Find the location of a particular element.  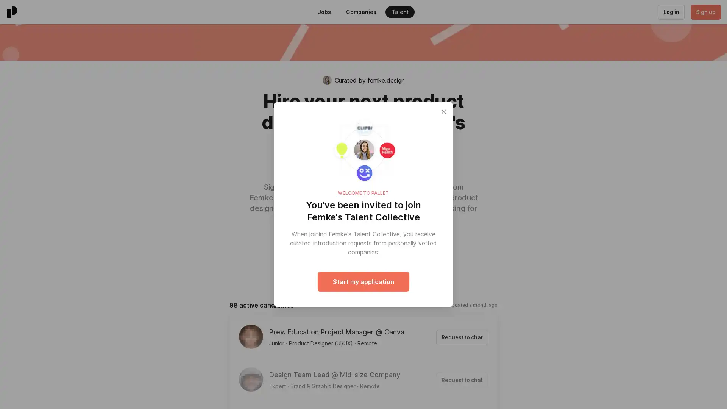

Request to chat is located at coordinates (462, 380).